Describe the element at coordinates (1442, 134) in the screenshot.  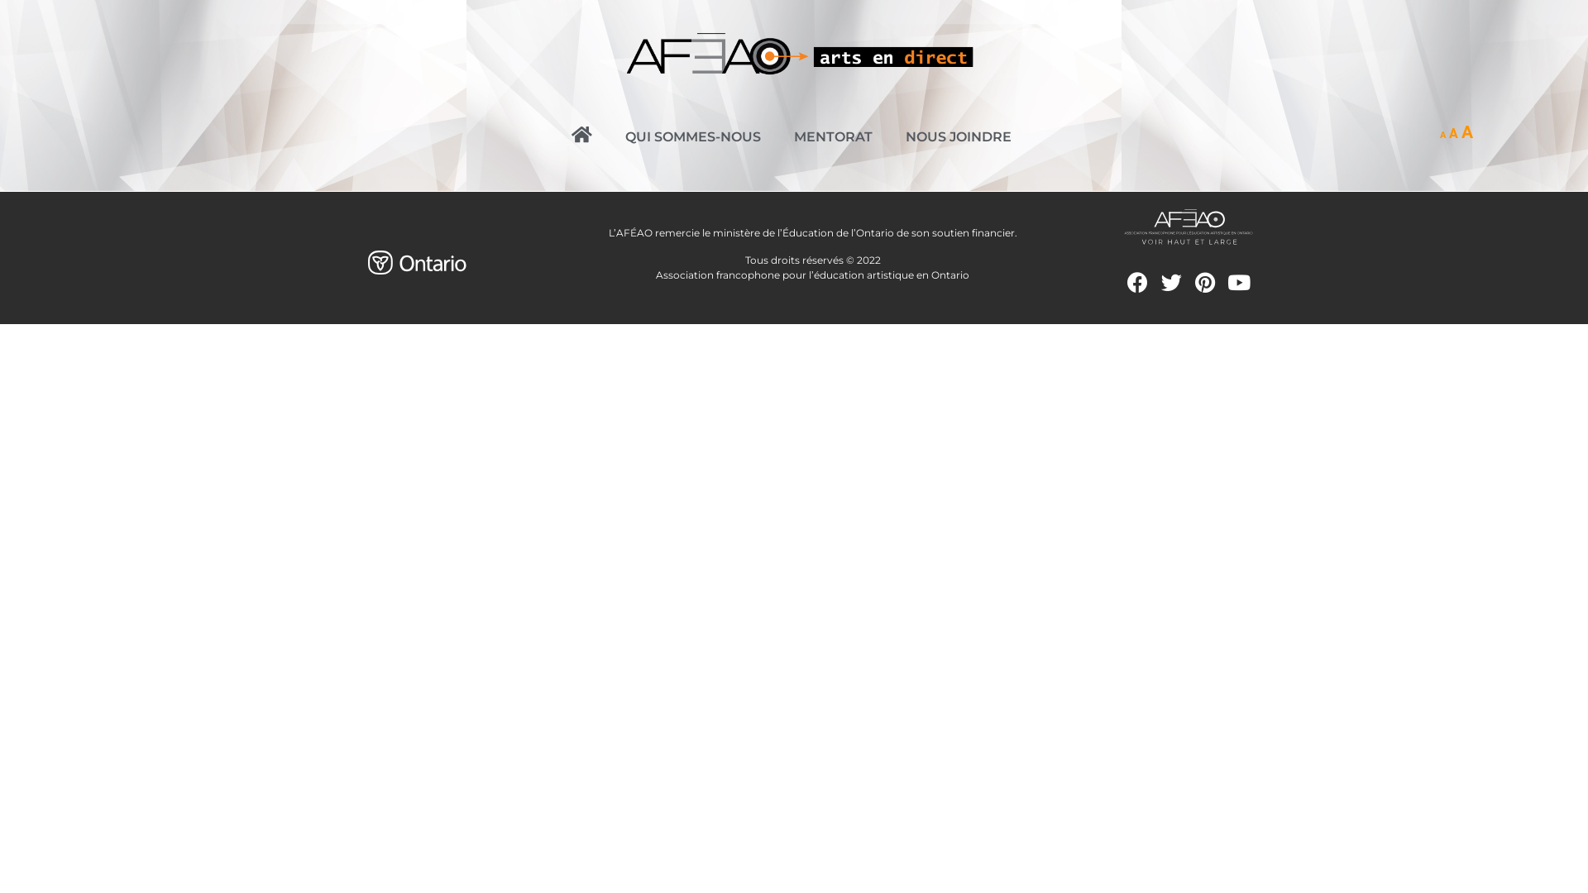
I see `'A'` at that location.